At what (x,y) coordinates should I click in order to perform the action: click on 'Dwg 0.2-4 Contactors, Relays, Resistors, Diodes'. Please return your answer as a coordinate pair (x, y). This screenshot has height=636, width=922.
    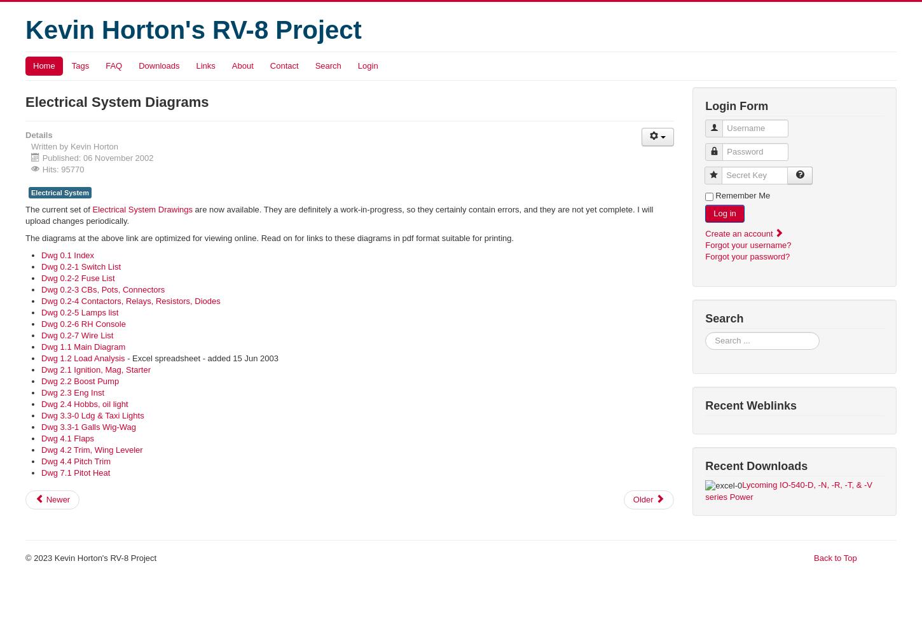
    Looking at the image, I should click on (130, 300).